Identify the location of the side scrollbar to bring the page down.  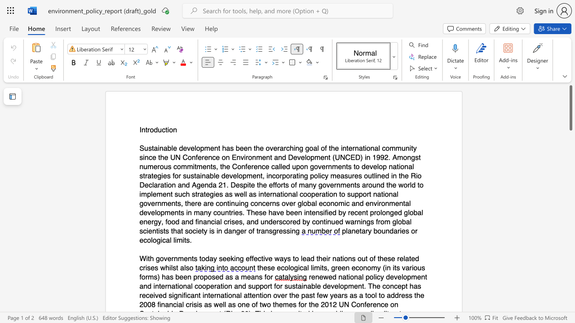
(570, 223).